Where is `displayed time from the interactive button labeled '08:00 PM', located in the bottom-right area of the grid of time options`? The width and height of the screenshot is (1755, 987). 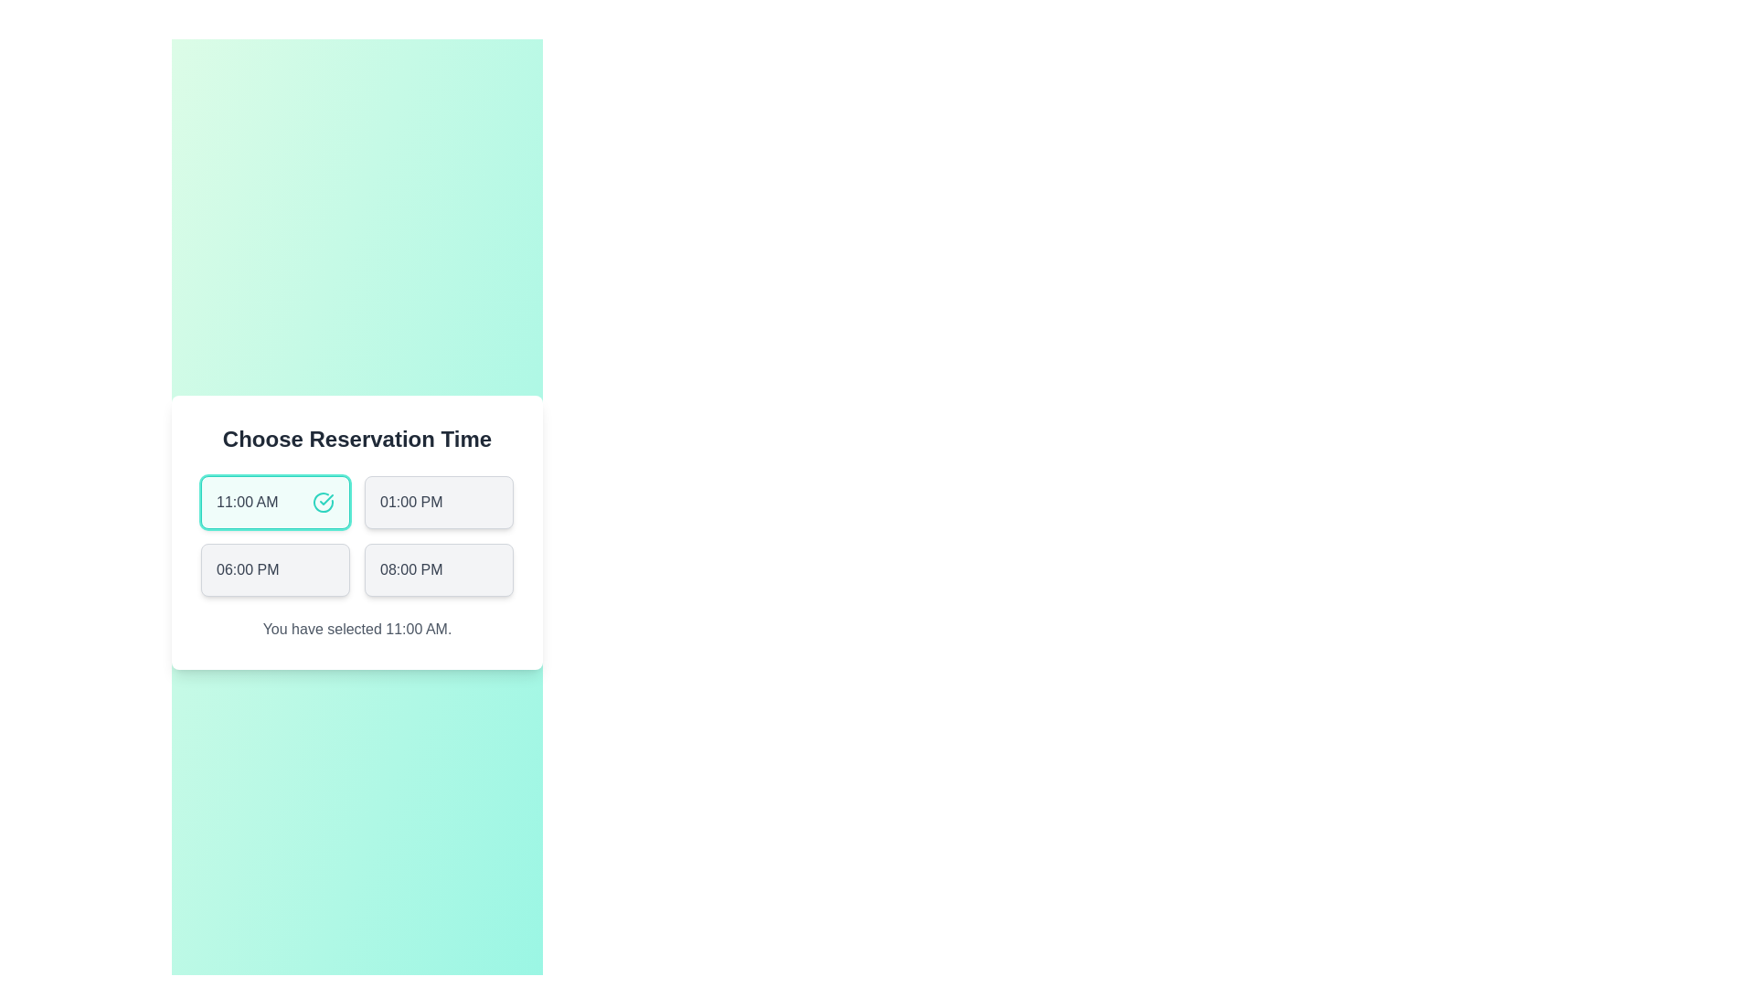 displayed time from the interactive button labeled '08:00 PM', located in the bottom-right area of the grid of time options is located at coordinates (410, 569).